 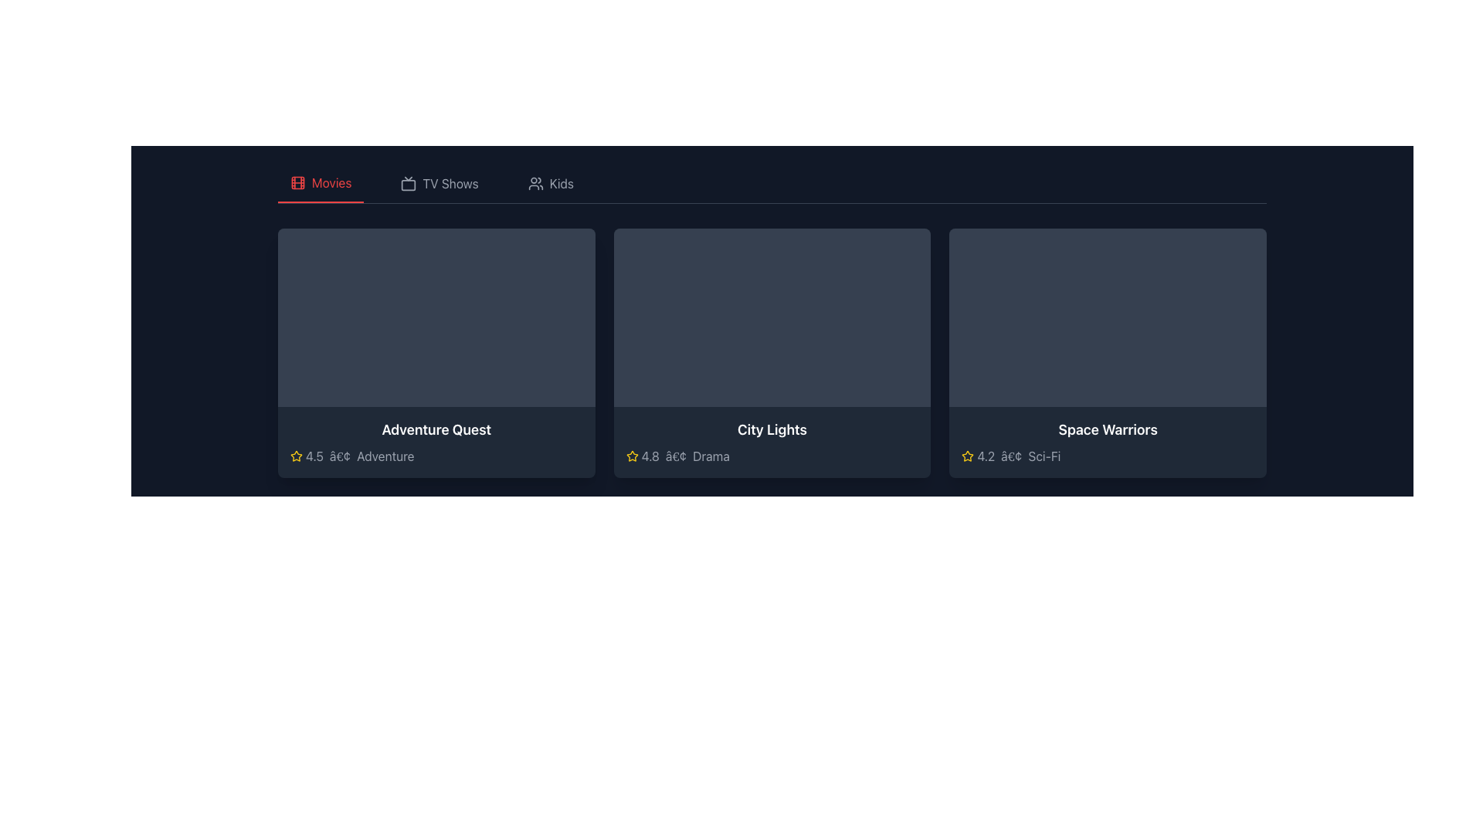 I want to click on the 'Kids' navigation tab, so click(x=551, y=183).